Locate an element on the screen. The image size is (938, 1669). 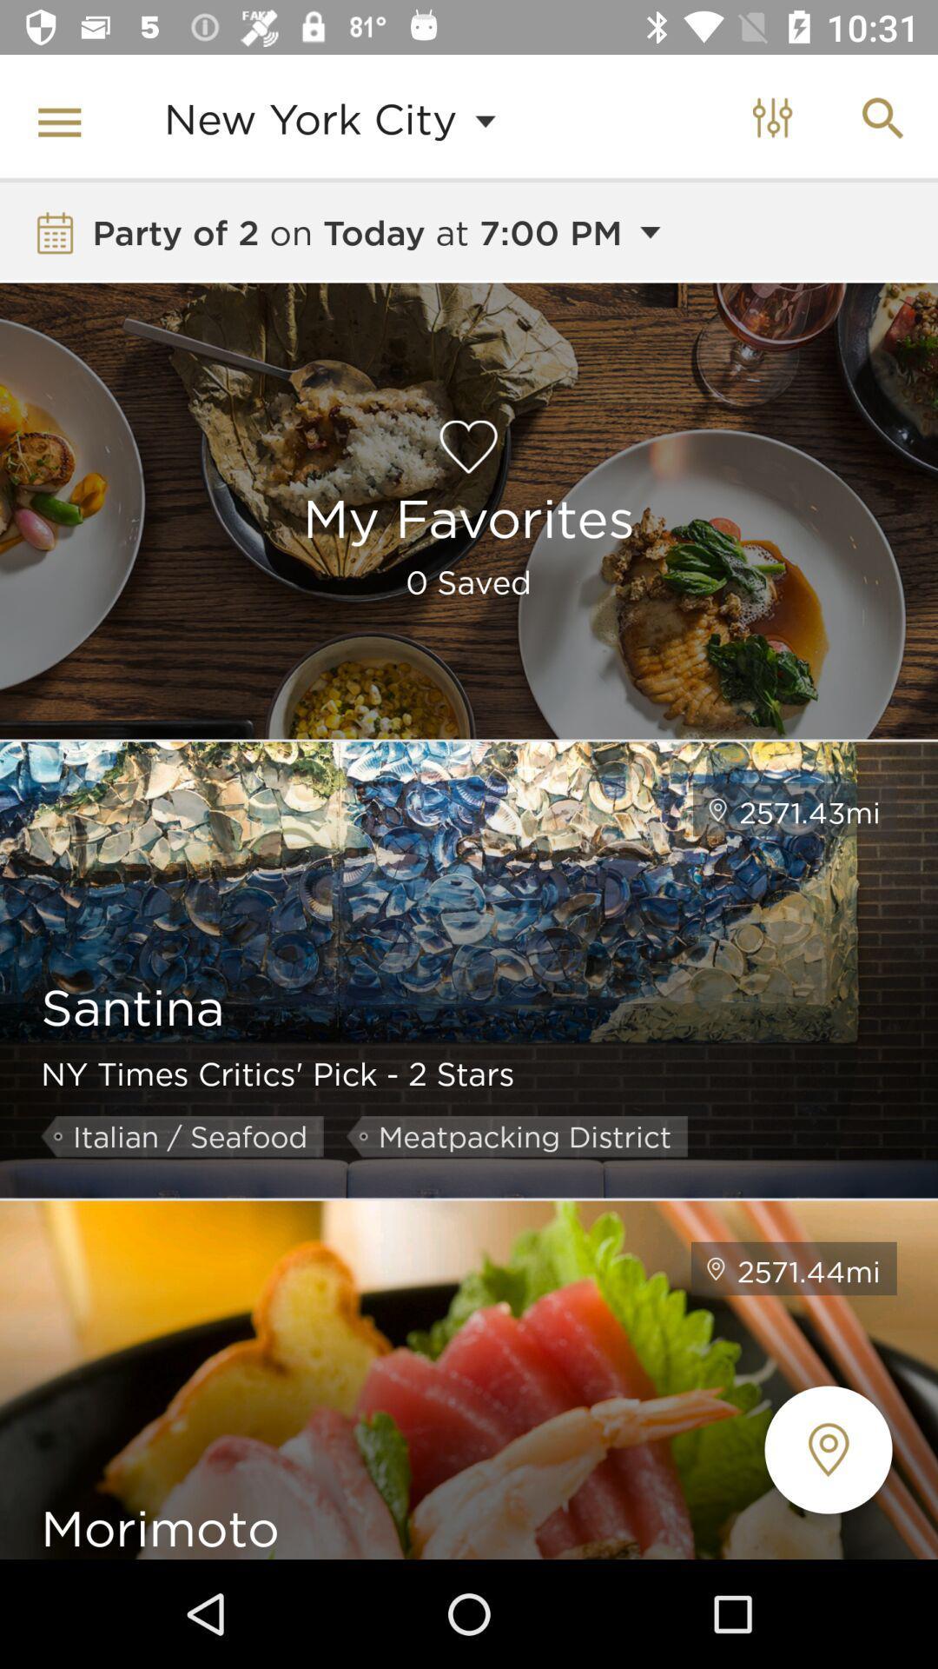
the item below 2571.44mi is located at coordinates (827, 1450).